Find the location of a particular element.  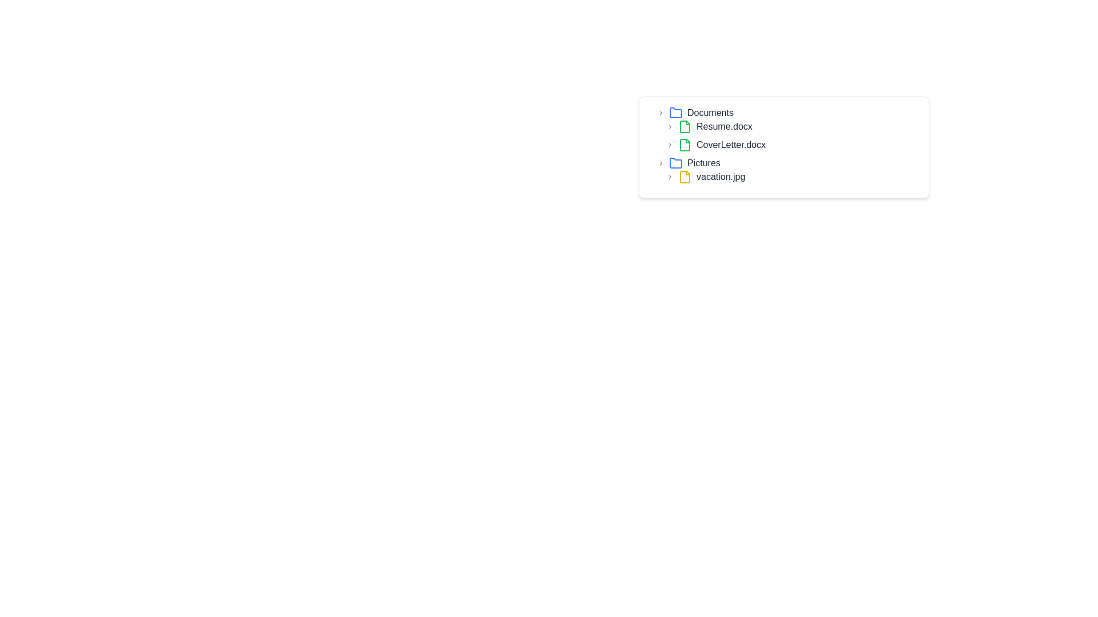

the 'Pictures' folder icon, which is the second folder icon in the list, located on the left side of the interface is located at coordinates (675, 163).